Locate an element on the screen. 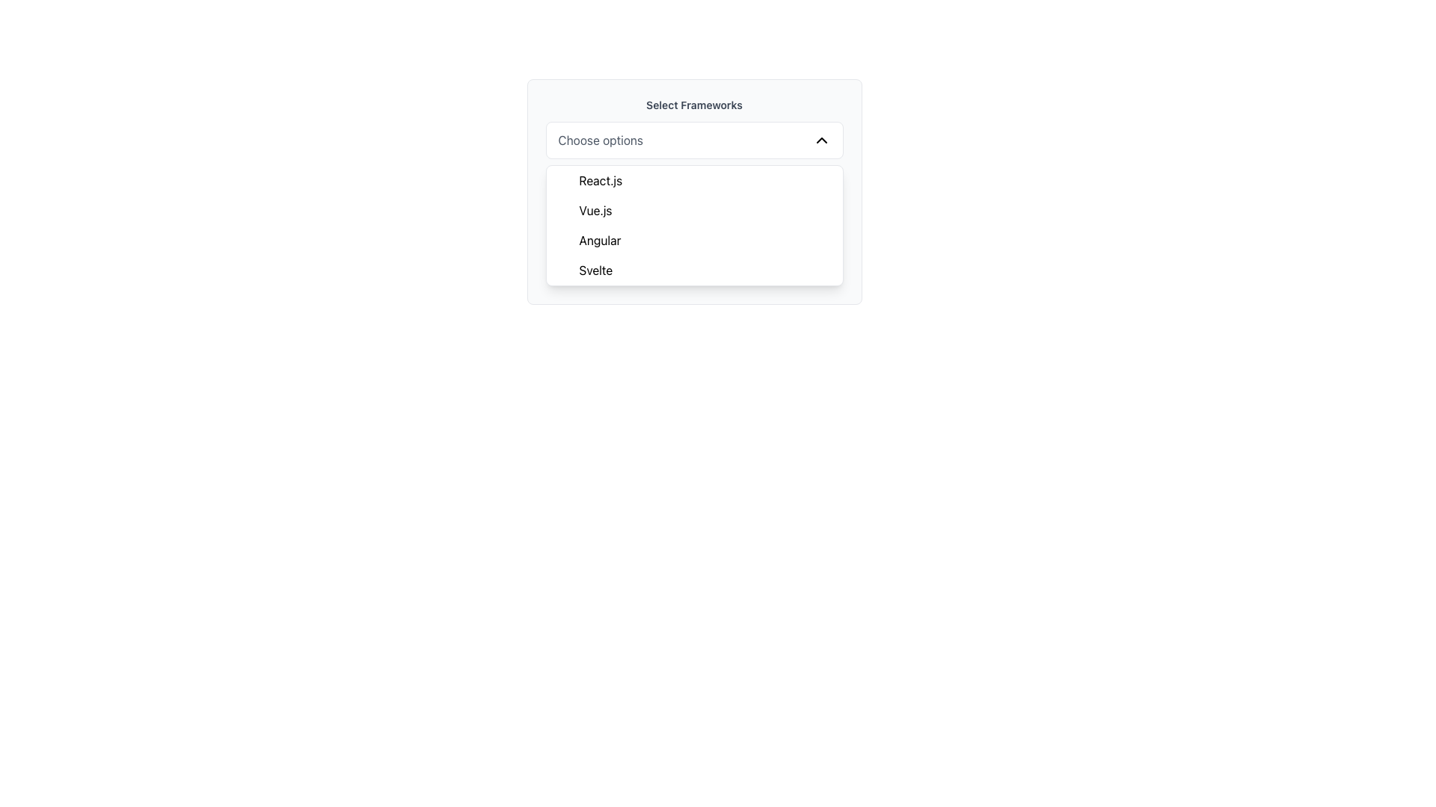 This screenshot has width=1436, height=807. the chevron icon is located at coordinates (820, 140).